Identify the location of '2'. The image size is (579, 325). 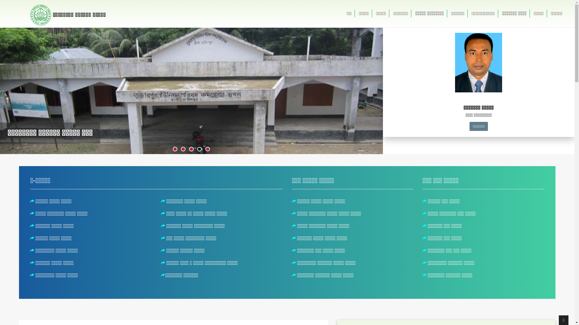
(181, 149).